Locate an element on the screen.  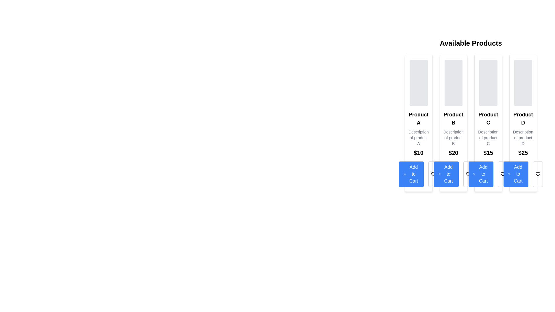
text from the bold, black title label that reads 'Available Products', located at the top-center of the product listing section is located at coordinates (471, 43).